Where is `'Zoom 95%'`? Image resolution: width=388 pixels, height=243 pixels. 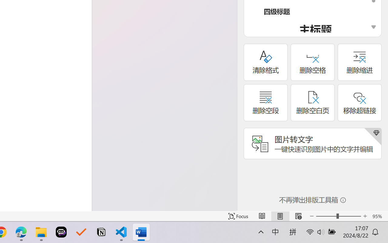 'Zoom 95%' is located at coordinates (378, 216).